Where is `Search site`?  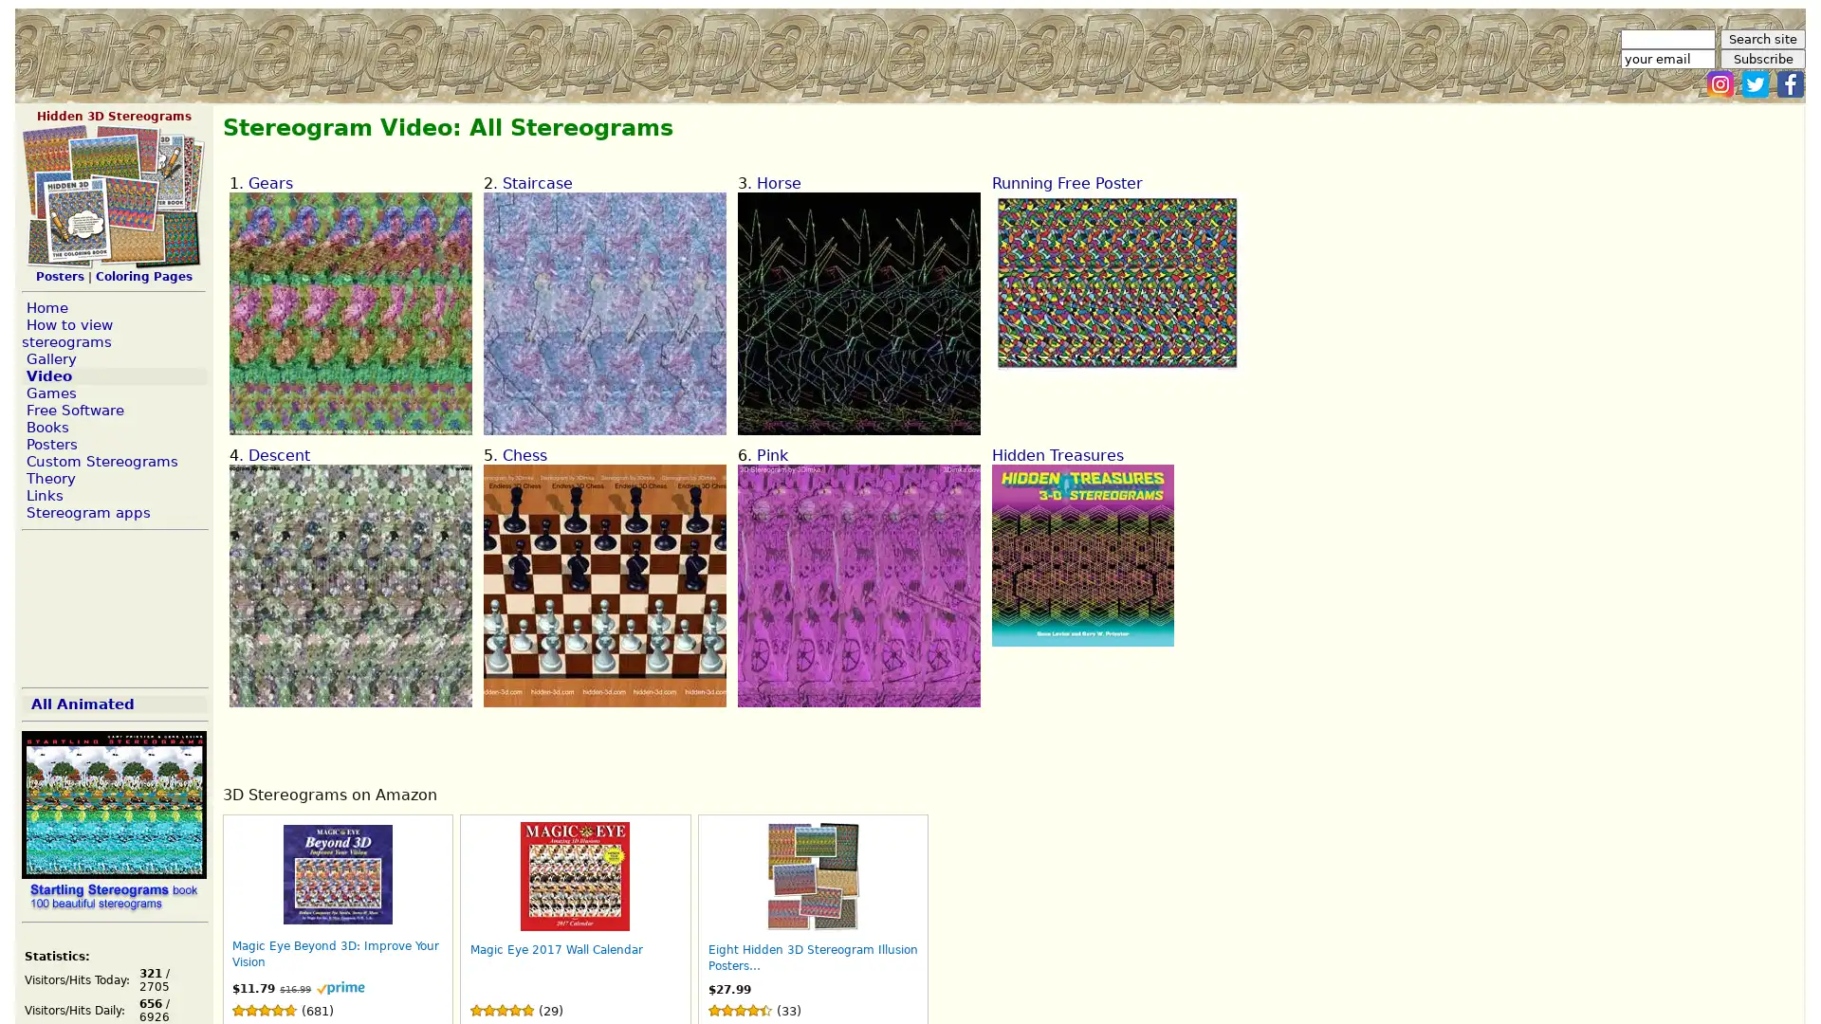 Search site is located at coordinates (1761, 39).